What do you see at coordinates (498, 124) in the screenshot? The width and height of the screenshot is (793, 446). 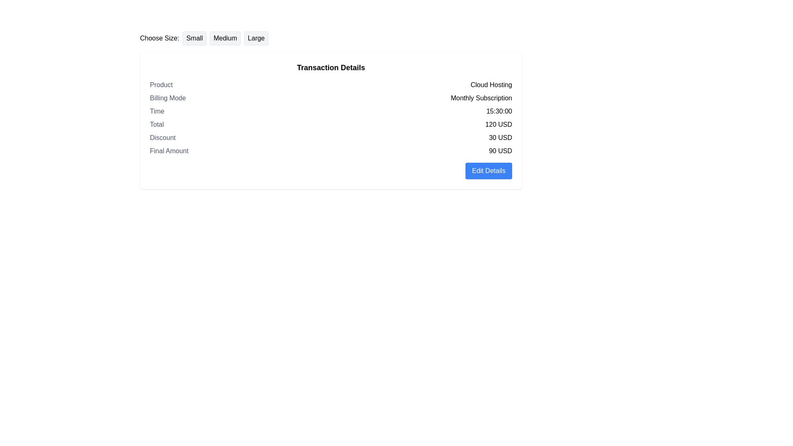 I see `the total amount display in the 'Transaction Details' section, which shows the sum total for a specific transaction and is aligned to the right of the 'Total' label` at bounding box center [498, 124].